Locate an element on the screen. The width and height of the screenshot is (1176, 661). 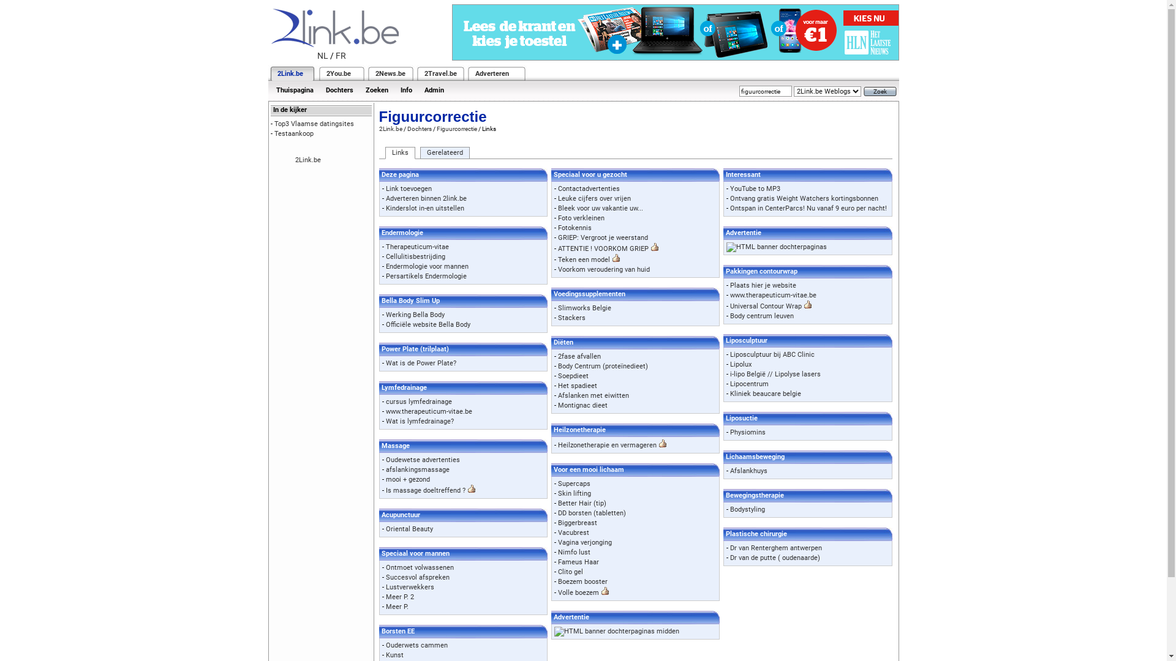
'Links' is located at coordinates (399, 152).